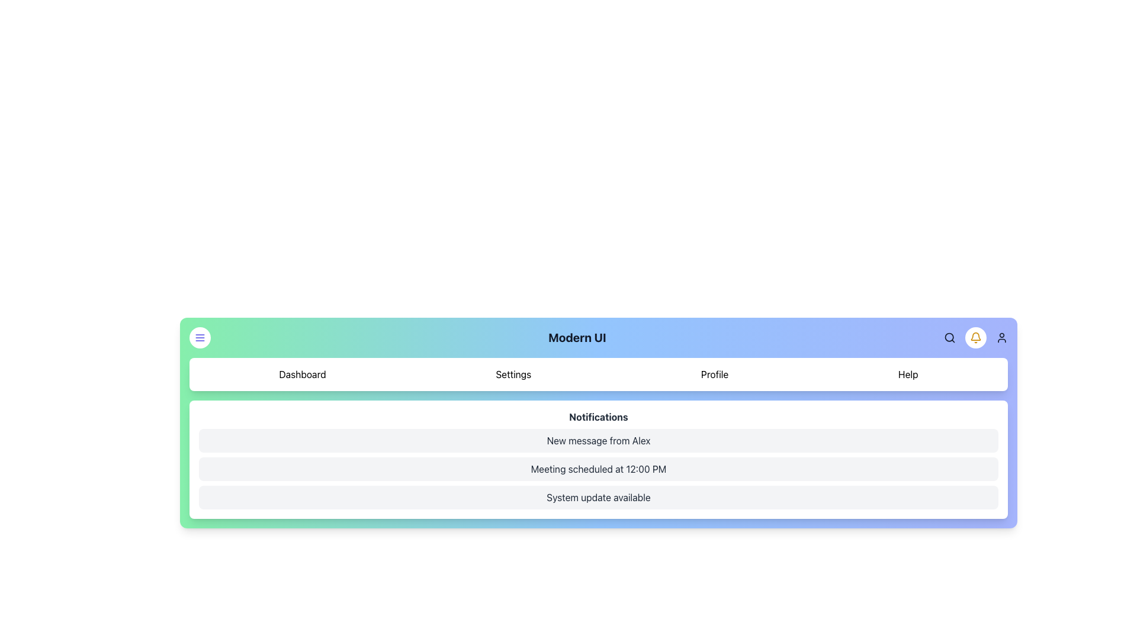  I want to click on the menu toggle icon located in the top-left corner of the header bar to trigger the hover effect, so click(200, 337).